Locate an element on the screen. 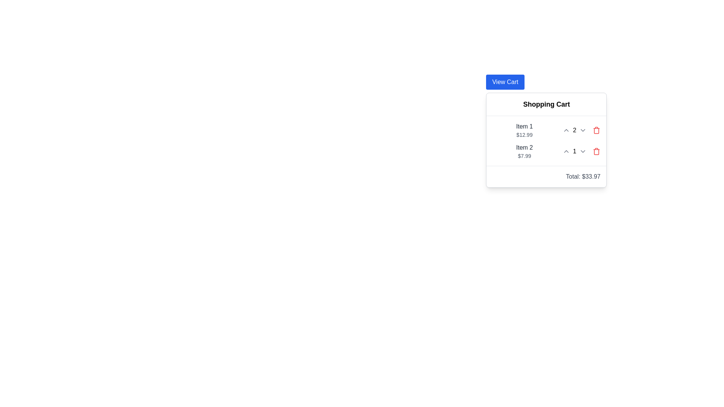 The width and height of the screenshot is (724, 407). numeric value displayed in the quantity text box for 'Item 2' in the shopping cart interface, which is positioned between the decrement and increment buttons is located at coordinates (574, 151).